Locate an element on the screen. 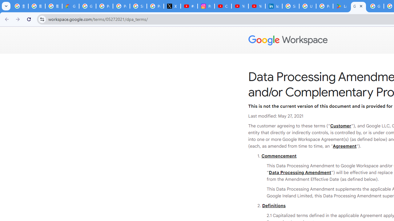 This screenshot has width=394, height=221. 'YouTube Culture & Trends - YouTube Top 10, 2021' is located at coordinates (256, 6).